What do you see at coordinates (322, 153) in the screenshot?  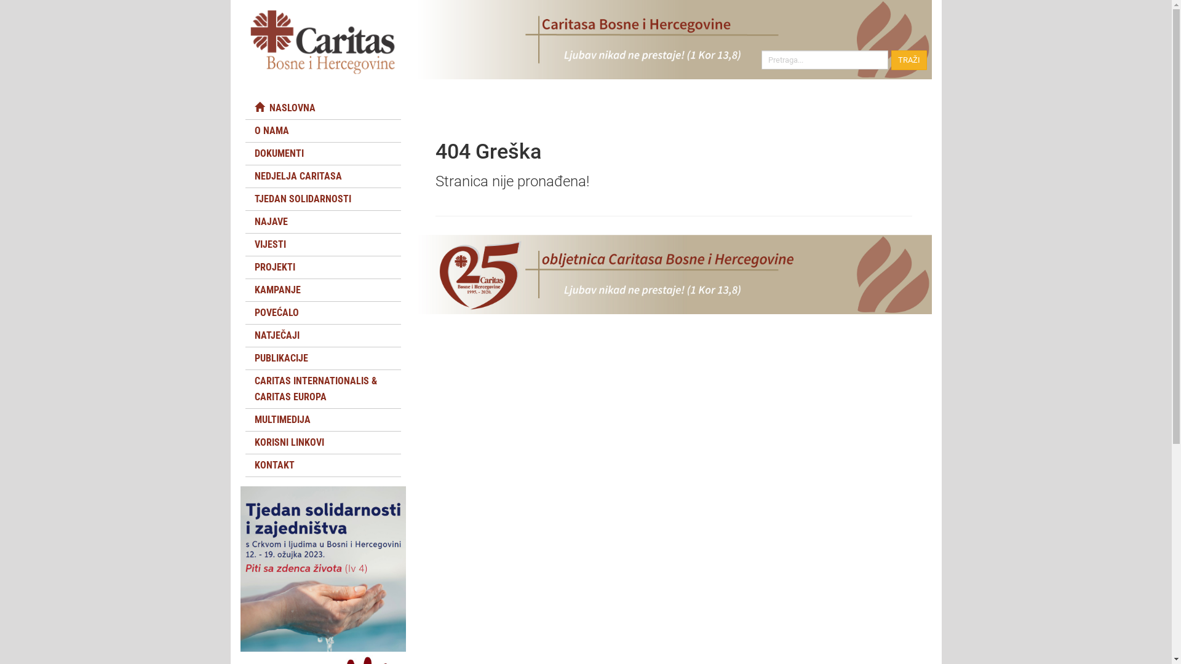 I see `'DOKUMENTI'` at bounding box center [322, 153].